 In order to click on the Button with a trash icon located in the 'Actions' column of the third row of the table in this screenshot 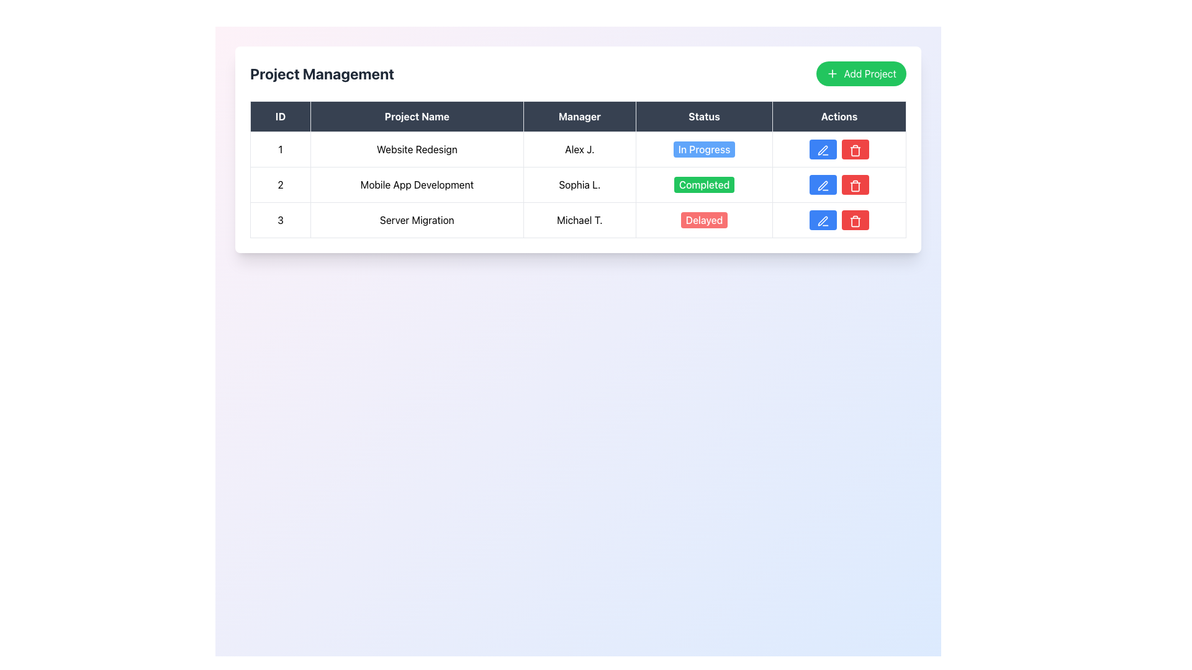, I will do `click(854, 150)`.